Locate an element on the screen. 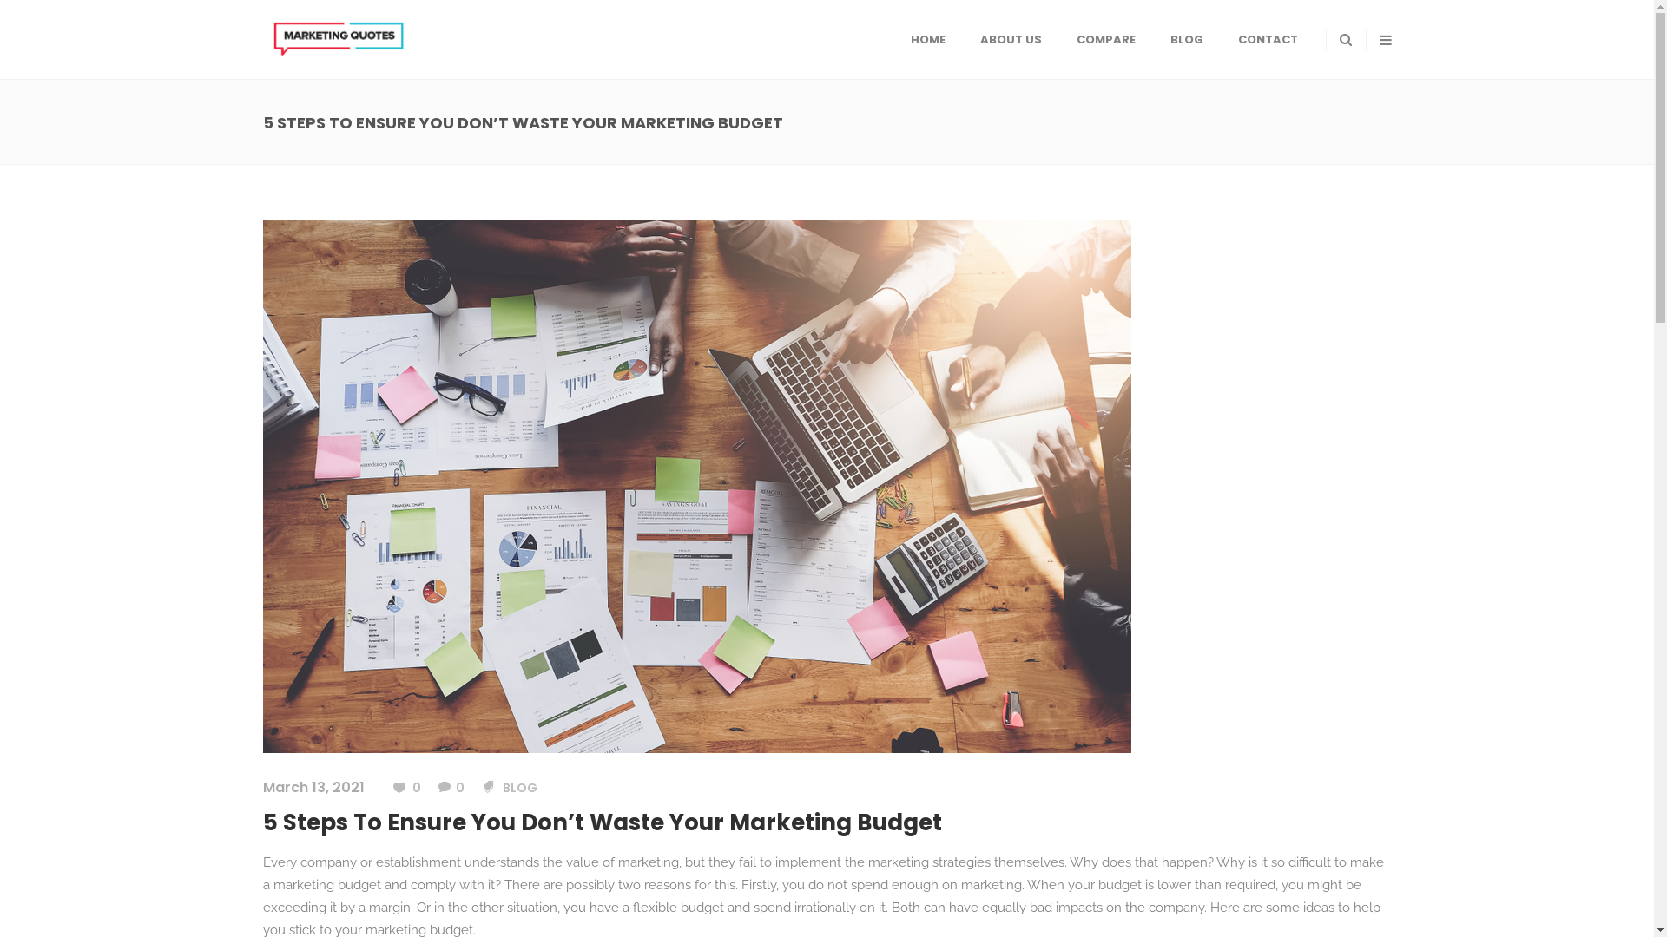  'BLOG' is located at coordinates (518, 787).